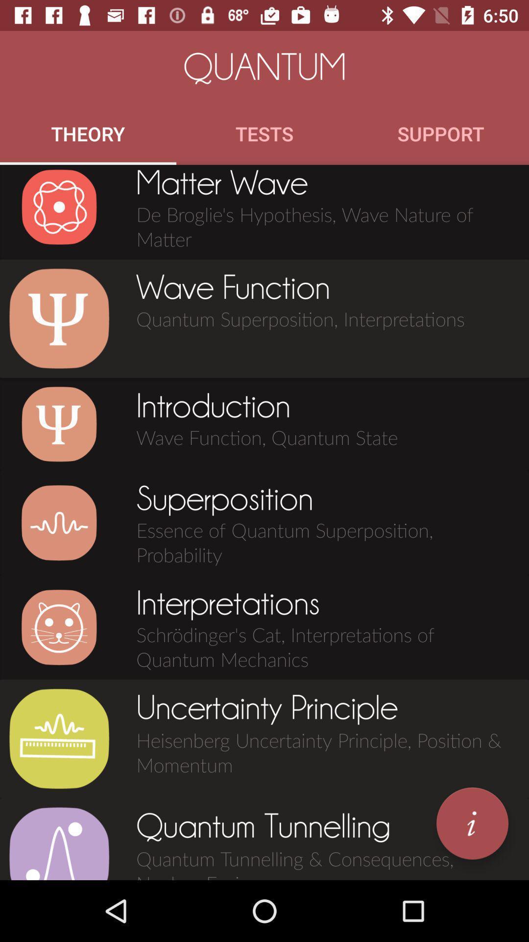 The height and width of the screenshot is (942, 529). What do you see at coordinates (472, 823) in the screenshot?
I see `icon next to the quantum tunnelling icon` at bounding box center [472, 823].